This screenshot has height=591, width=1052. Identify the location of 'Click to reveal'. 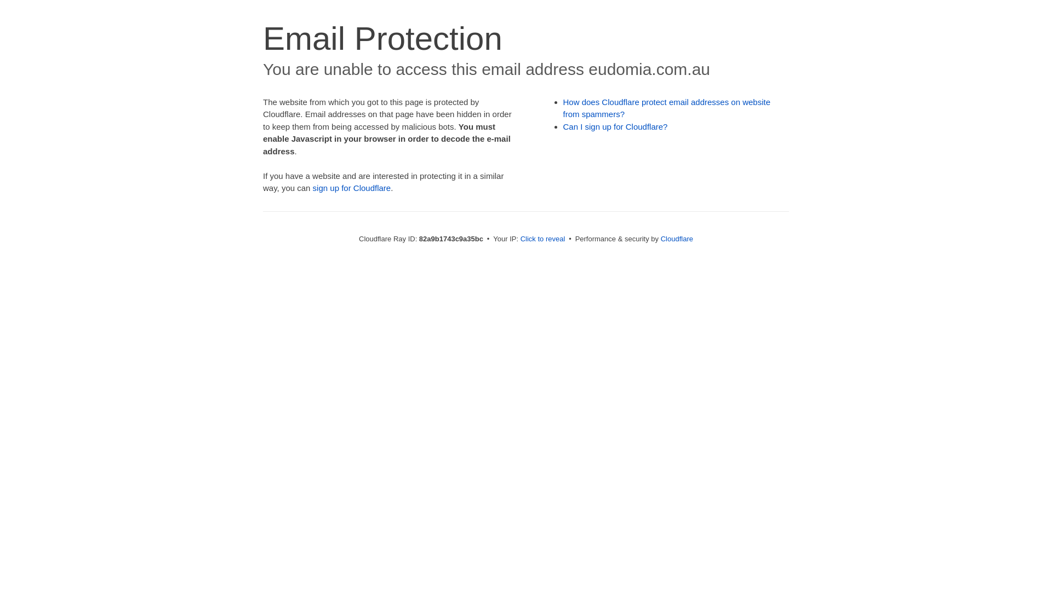
(520, 238).